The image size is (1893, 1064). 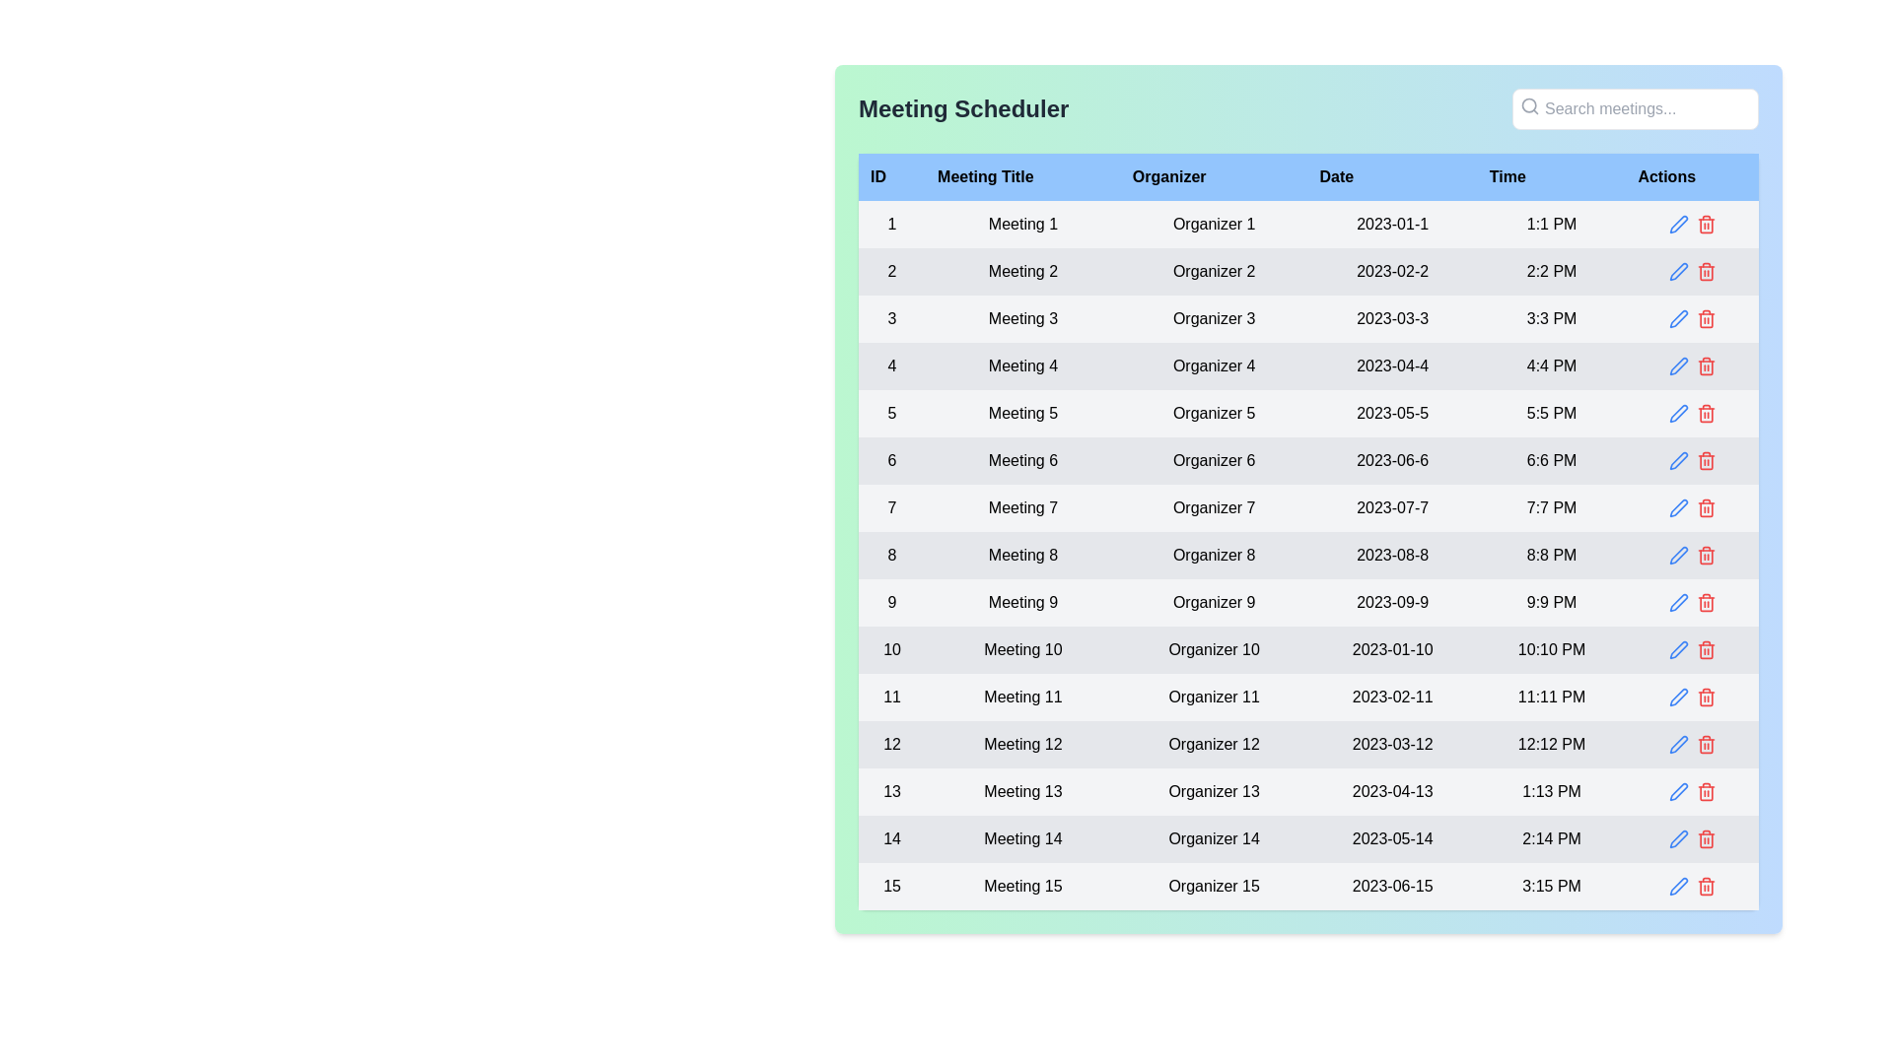 What do you see at coordinates (1677, 745) in the screenshot?
I see `the editing button icon in the 'Actions' column of the table for 'Meeting 12'` at bounding box center [1677, 745].